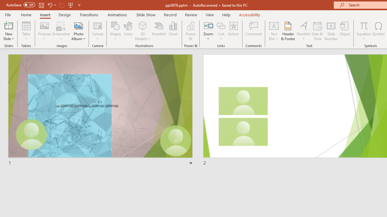 The height and width of the screenshot is (217, 387). I want to click on 'Link', so click(221, 25).